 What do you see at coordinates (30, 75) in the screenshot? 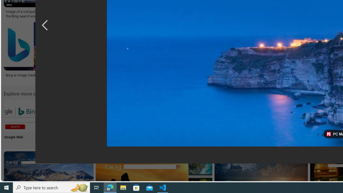
I see `'Bing ai image creator'` at bounding box center [30, 75].